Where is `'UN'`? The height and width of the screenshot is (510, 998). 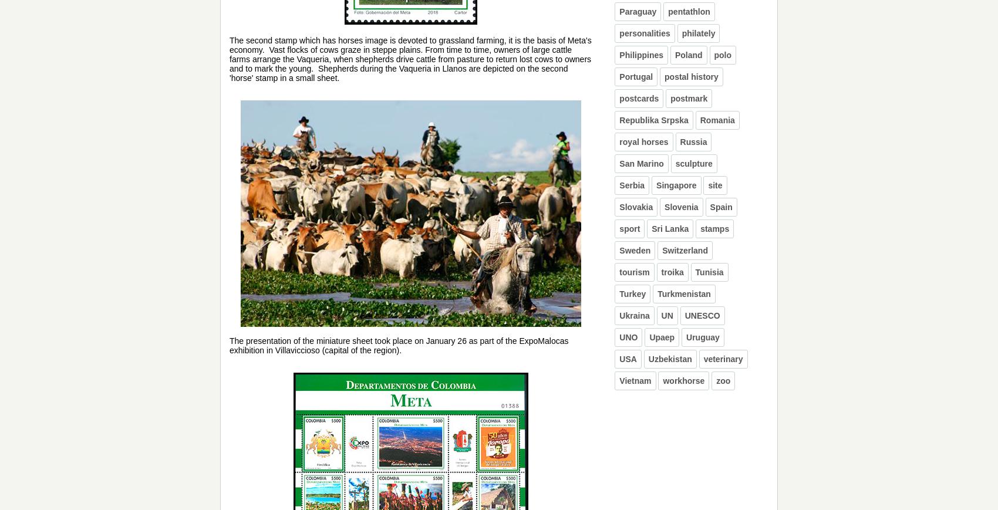
'UN' is located at coordinates (666, 315).